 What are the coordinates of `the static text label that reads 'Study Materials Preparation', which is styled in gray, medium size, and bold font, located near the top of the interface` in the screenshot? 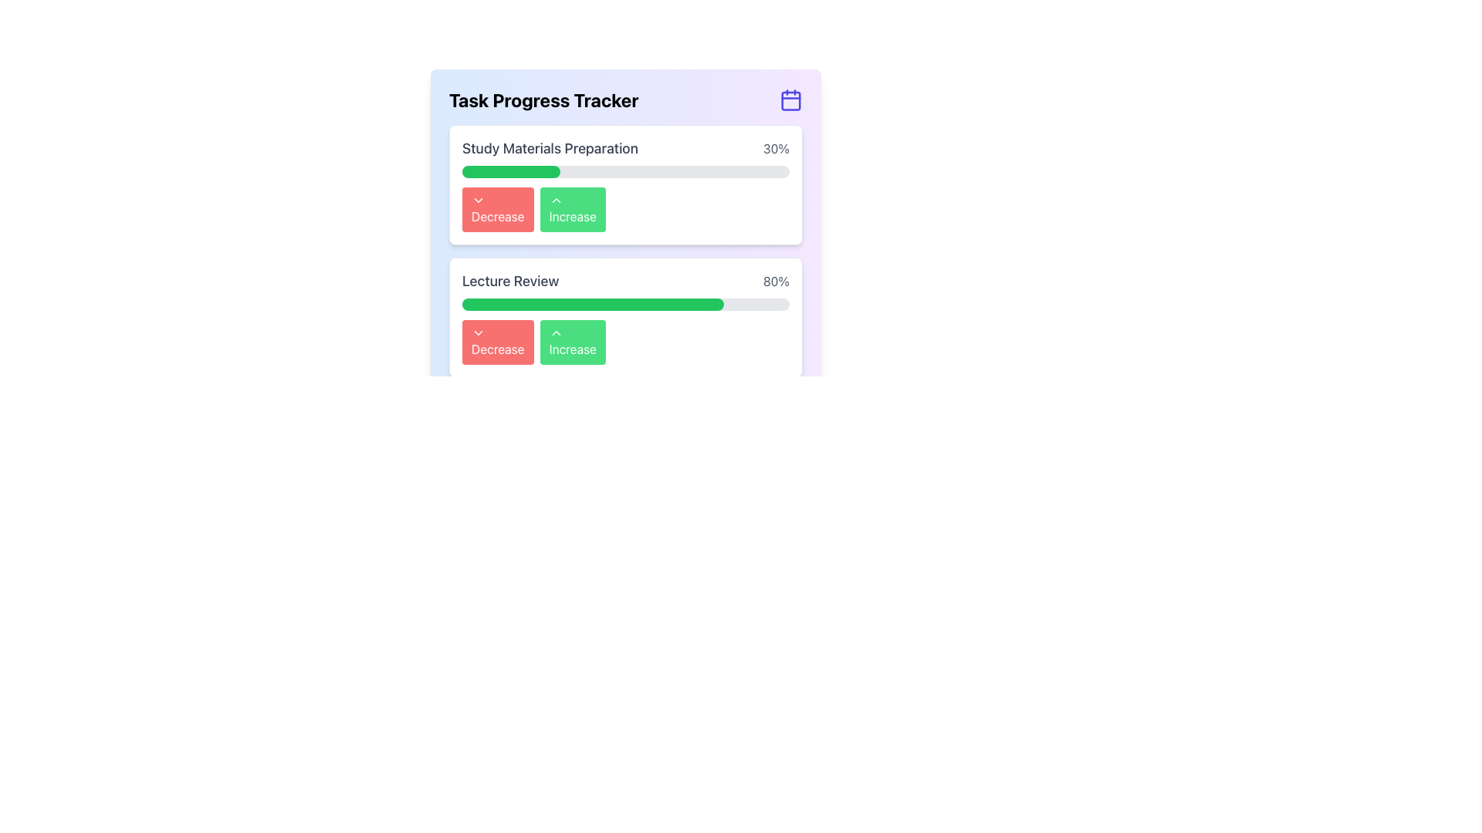 It's located at (550, 148).